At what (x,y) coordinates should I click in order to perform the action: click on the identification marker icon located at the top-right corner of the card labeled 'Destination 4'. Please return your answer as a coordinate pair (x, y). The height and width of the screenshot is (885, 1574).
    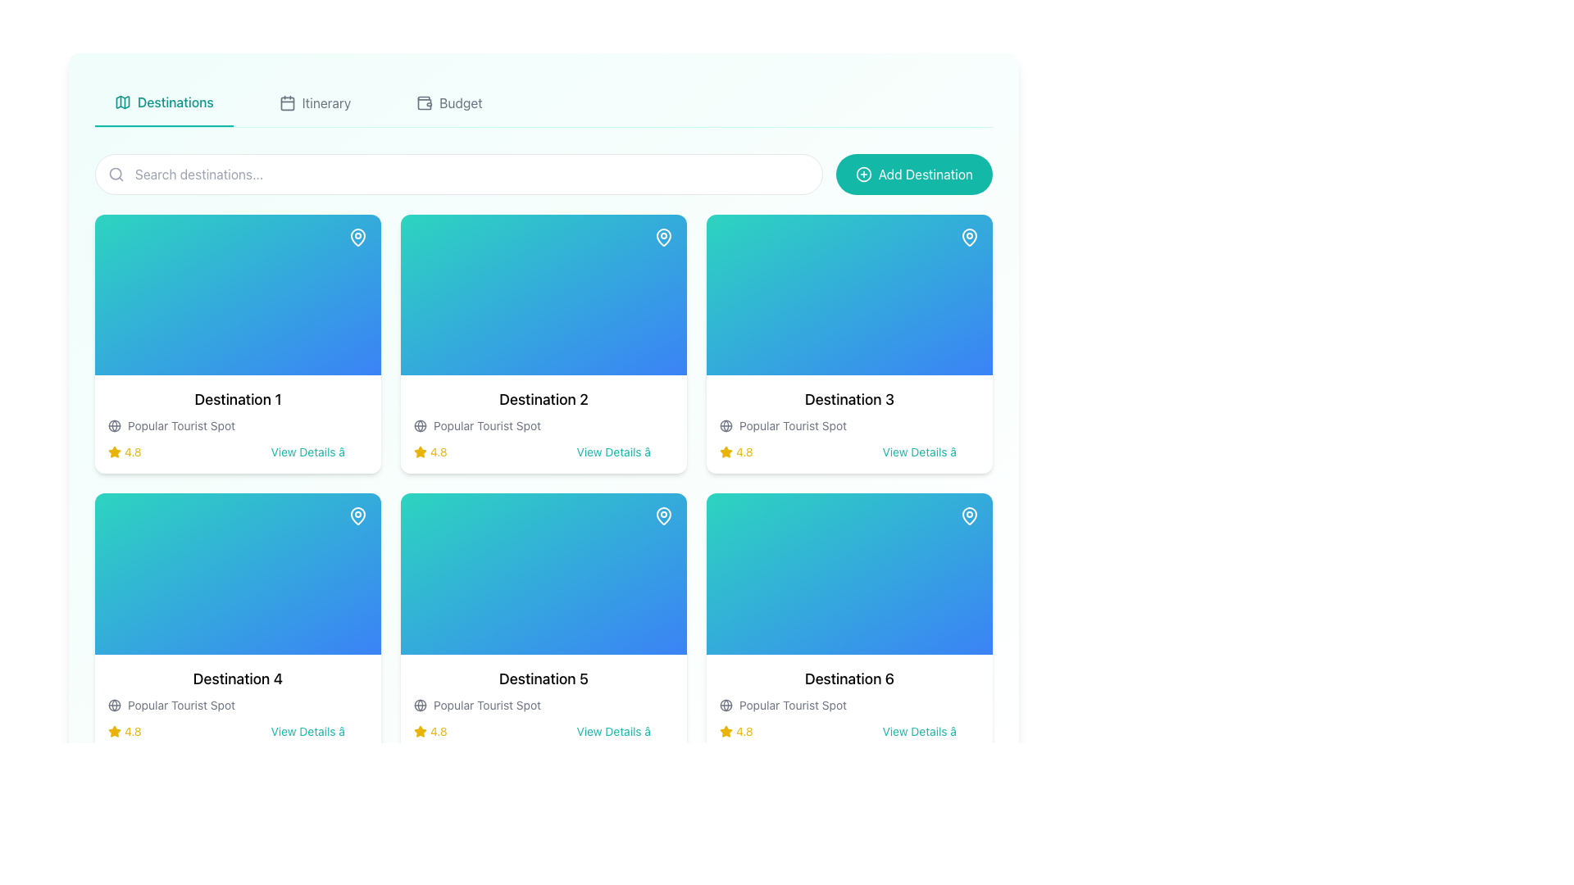
    Looking at the image, I should click on (357, 515).